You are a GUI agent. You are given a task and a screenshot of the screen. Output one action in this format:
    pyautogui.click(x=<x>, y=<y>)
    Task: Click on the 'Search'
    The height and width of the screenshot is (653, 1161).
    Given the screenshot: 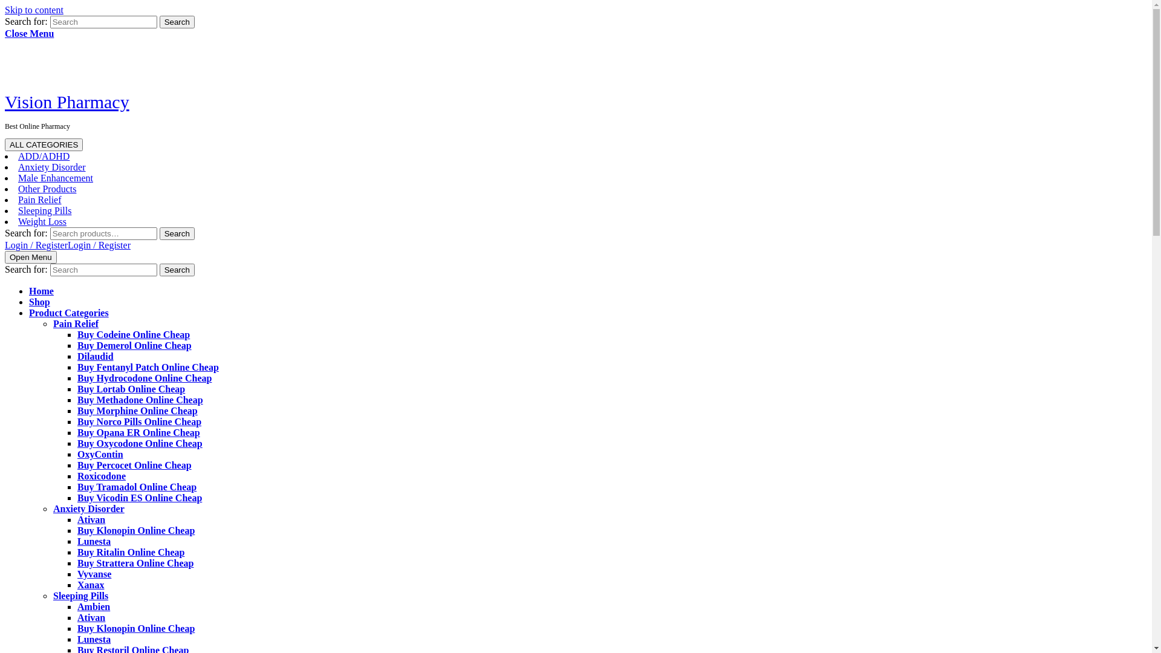 What is the action you would take?
    pyautogui.click(x=176, y=22)
    